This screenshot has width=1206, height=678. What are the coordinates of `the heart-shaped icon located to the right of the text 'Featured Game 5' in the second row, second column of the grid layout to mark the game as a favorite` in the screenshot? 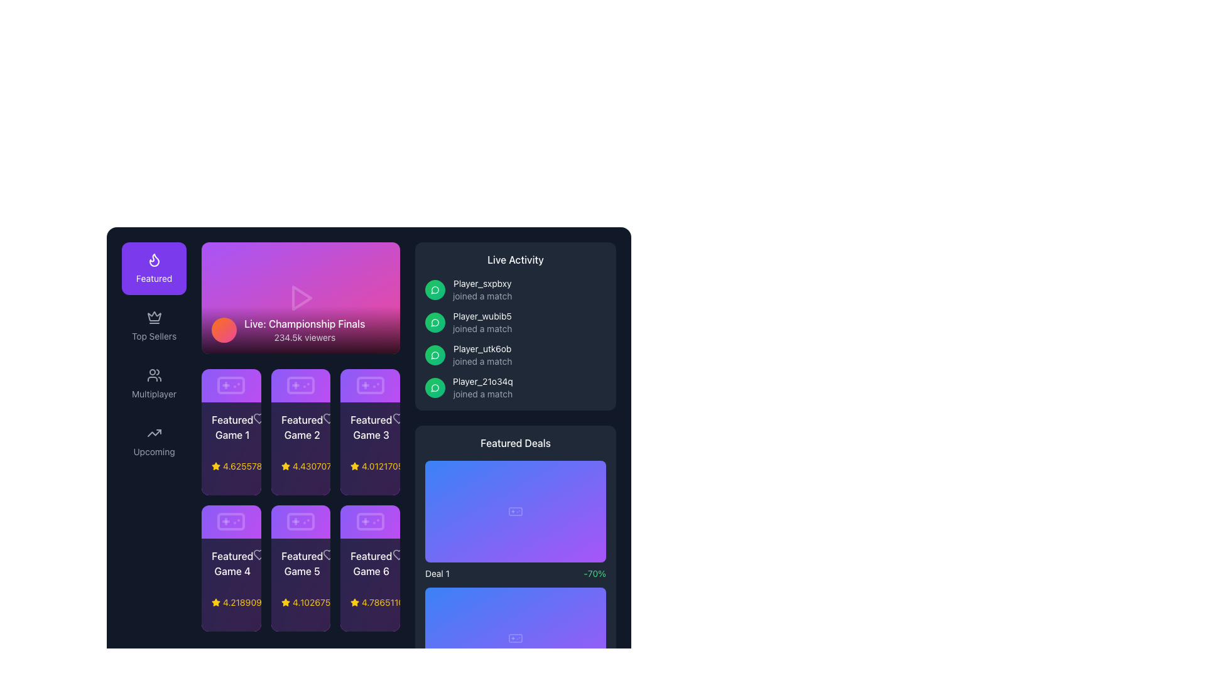 It's located at (329, 554).